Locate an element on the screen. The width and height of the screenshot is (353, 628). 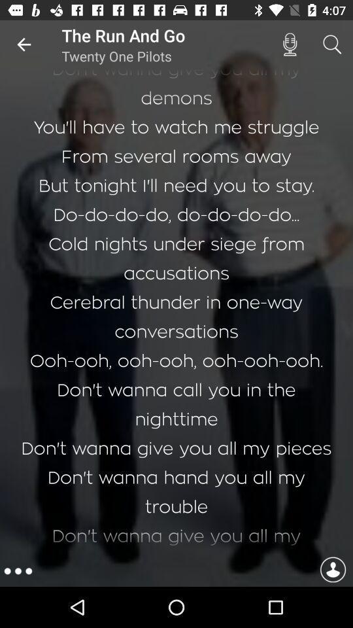
i can t is located at coordinates (176, 312).